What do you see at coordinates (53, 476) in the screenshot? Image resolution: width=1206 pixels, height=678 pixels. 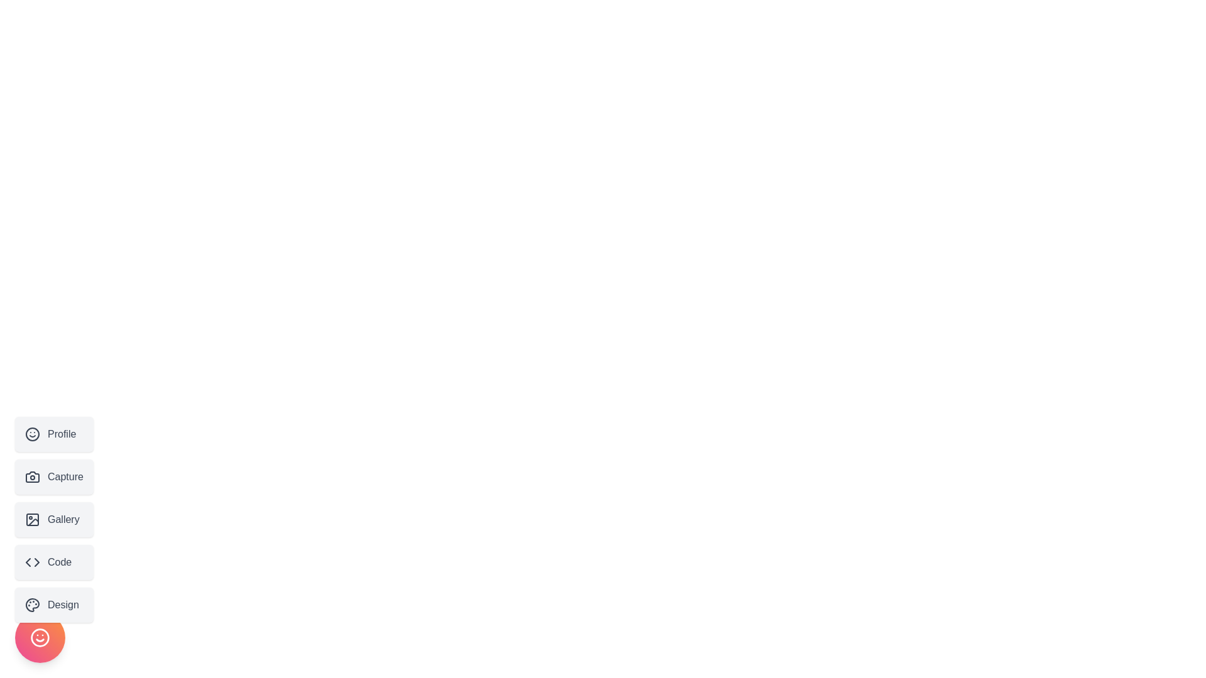 I see `the 'Capture' button with a camera icon` at bounding box center [53, 476].